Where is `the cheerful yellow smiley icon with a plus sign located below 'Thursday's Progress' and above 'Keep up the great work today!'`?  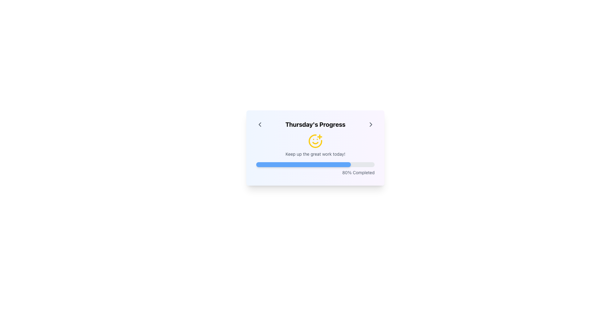 the cheerful yellow smiley icon with a plus sign located below 'Thursday's Progress' and above 'Keep up the great work today!' is located at coordinates (315, 141).